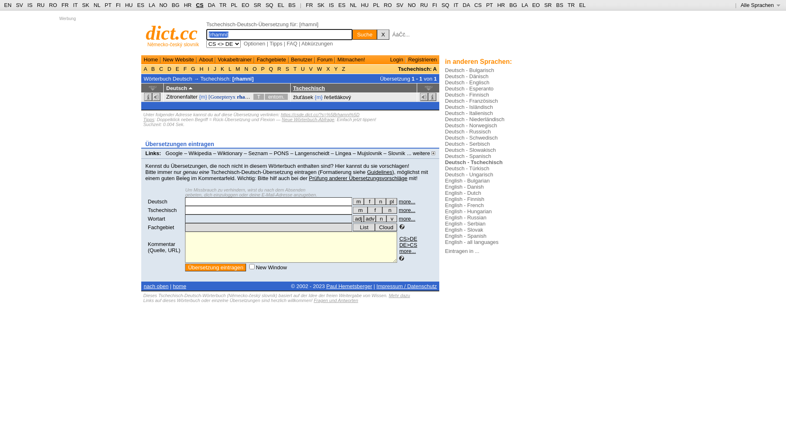 Image resolution: width=786 pixels, height=442 pixels. Describe the element at coordinates (385, 227) in the screenshot. I see `'Cloud'` at that location.